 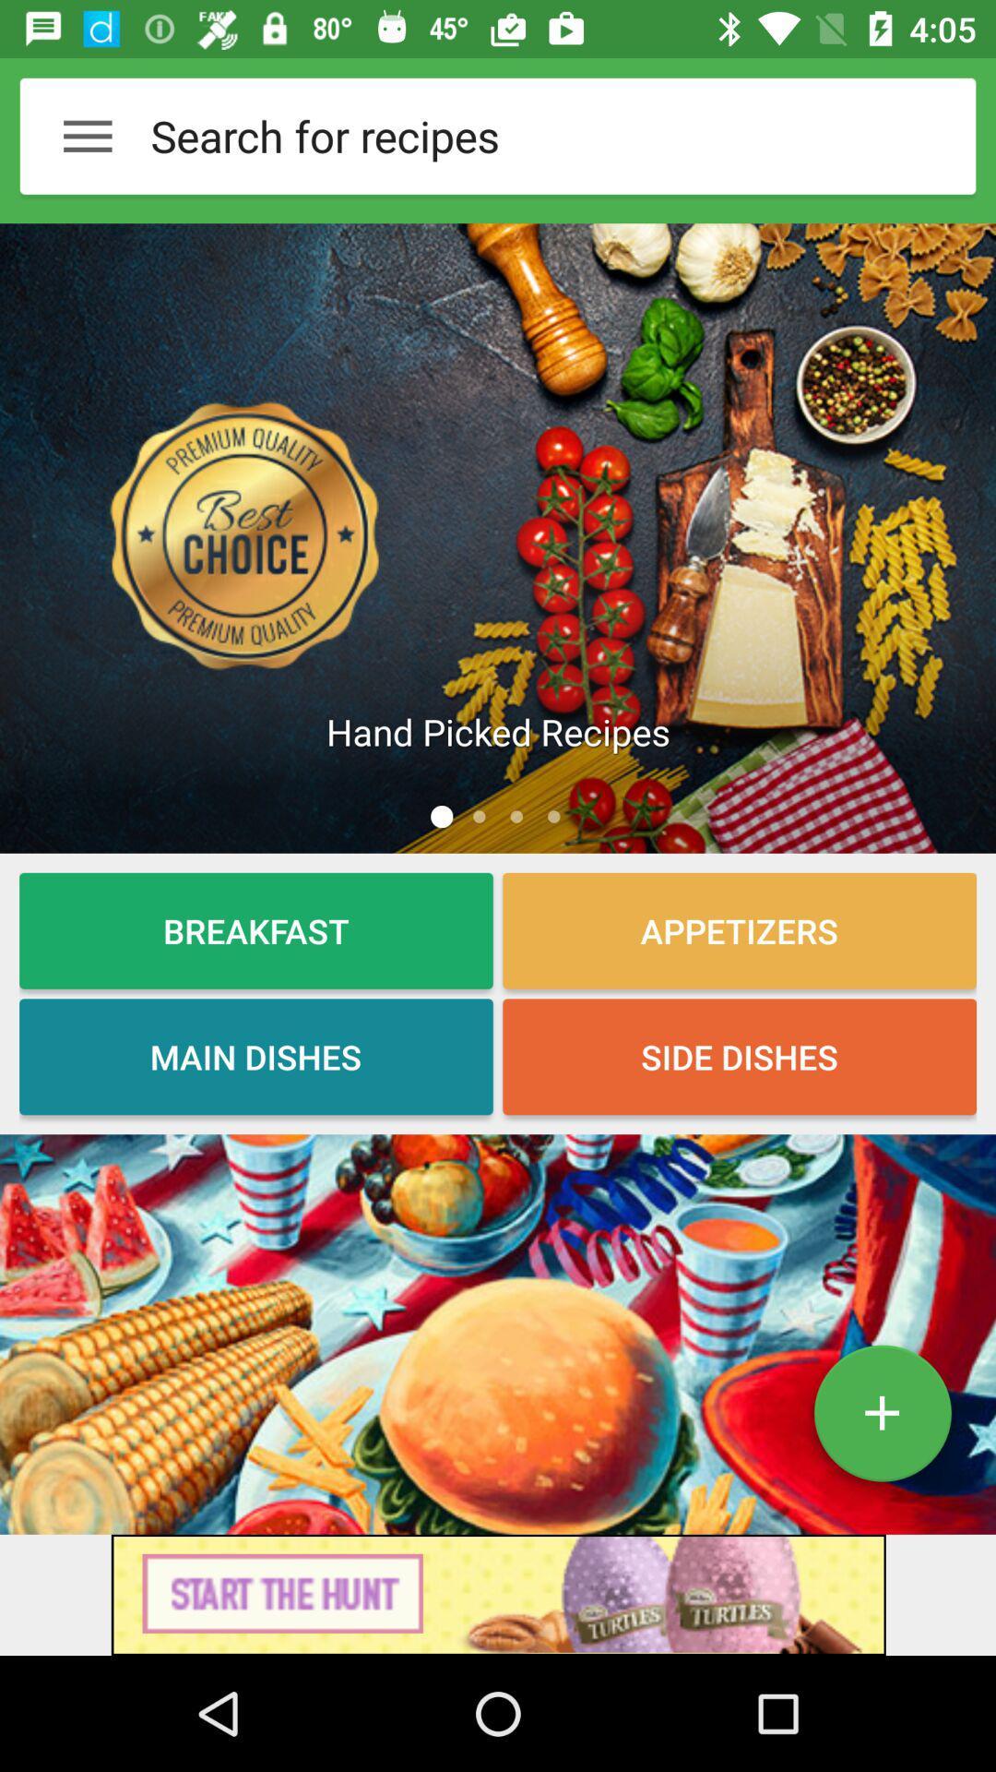 What do you see at coordinates (255, 1057) in the screenshot?
I see `the button which is below the breakfast` at bounding box center [255, 1057].